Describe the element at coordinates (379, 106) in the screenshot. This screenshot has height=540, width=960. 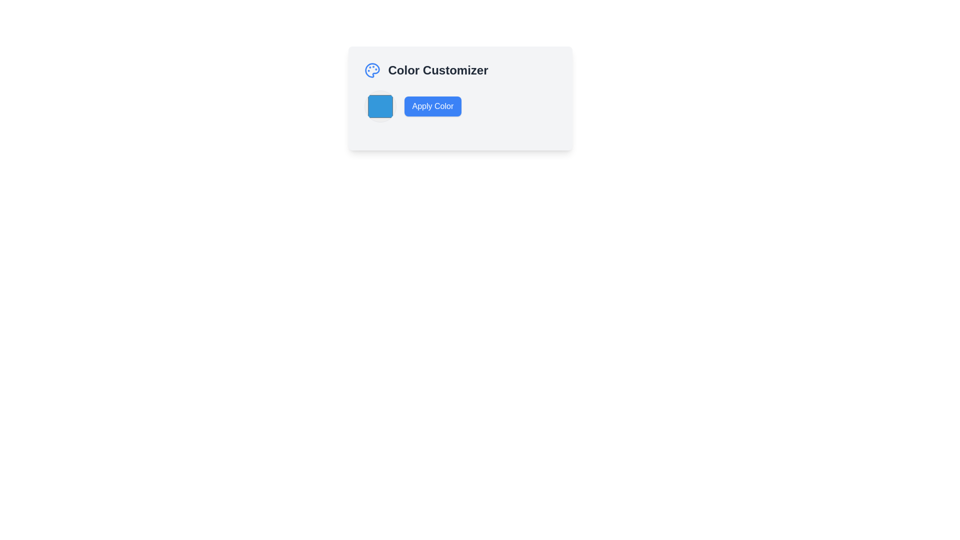
I see `the Color Selector, which is a rounded square with a blue fill color (#3498db) located on the left side of the 'Color Customizer' section` at that location.